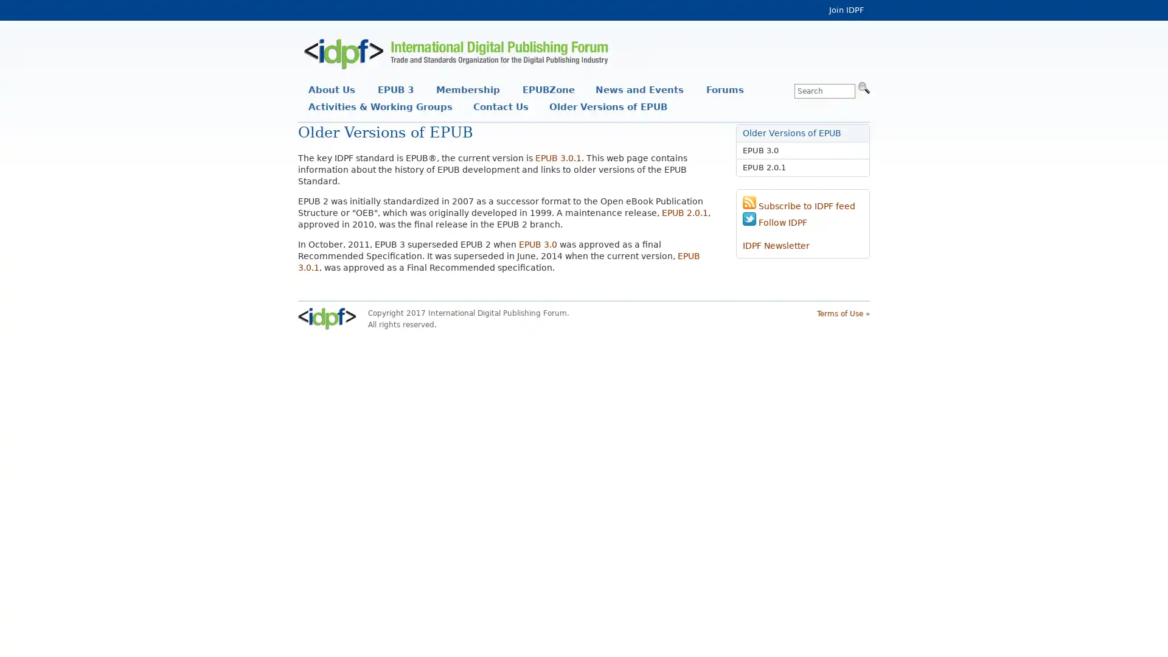 This screenshot has width=1168, height=657. I want to click on Go, so click(863, 86).